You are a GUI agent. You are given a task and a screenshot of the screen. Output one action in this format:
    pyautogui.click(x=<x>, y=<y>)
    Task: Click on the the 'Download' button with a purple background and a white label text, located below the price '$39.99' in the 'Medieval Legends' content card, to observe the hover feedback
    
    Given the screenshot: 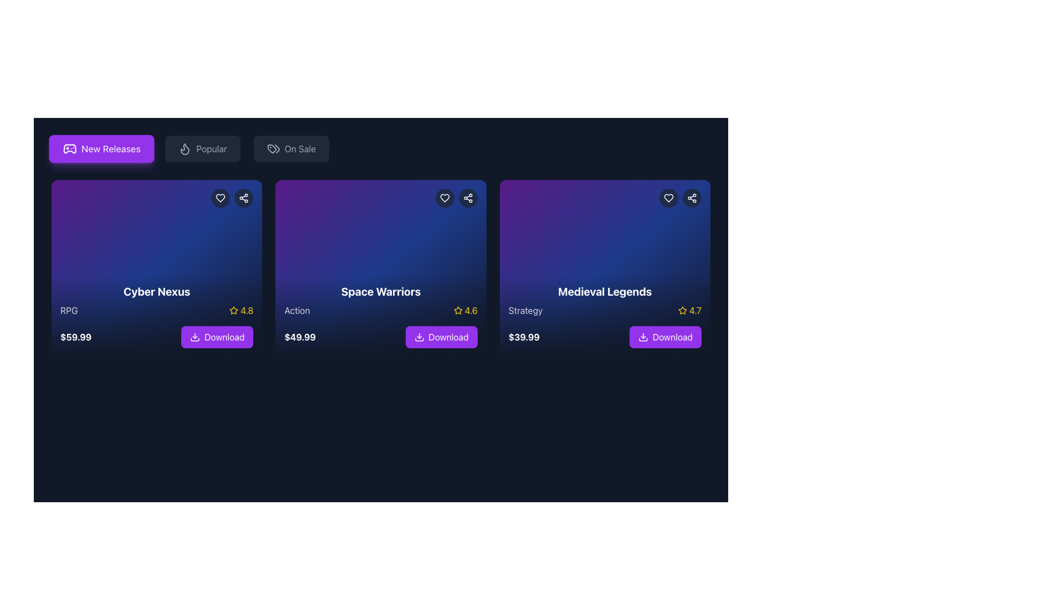 What is the action you would take?
    pyautogui.click(x=665, y=337)
    